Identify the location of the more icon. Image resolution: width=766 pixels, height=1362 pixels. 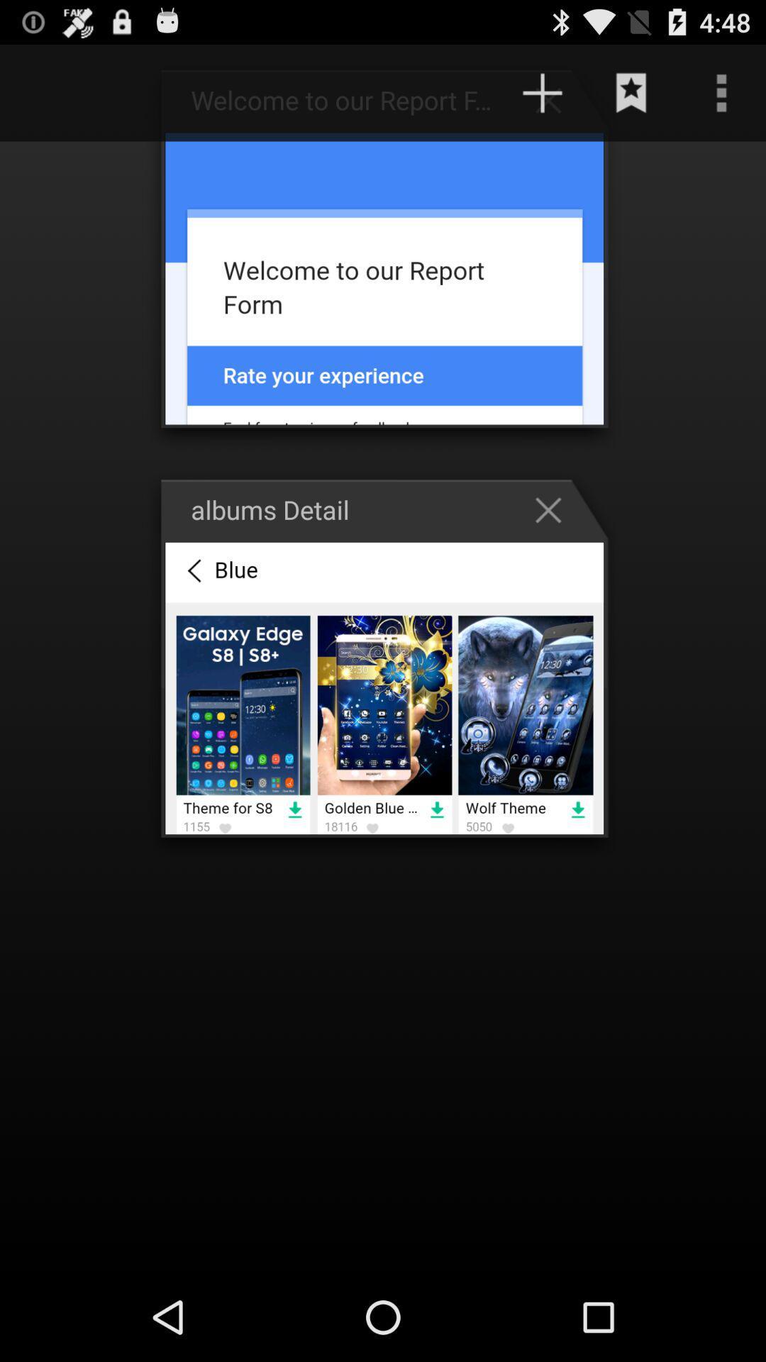
(721, 99).